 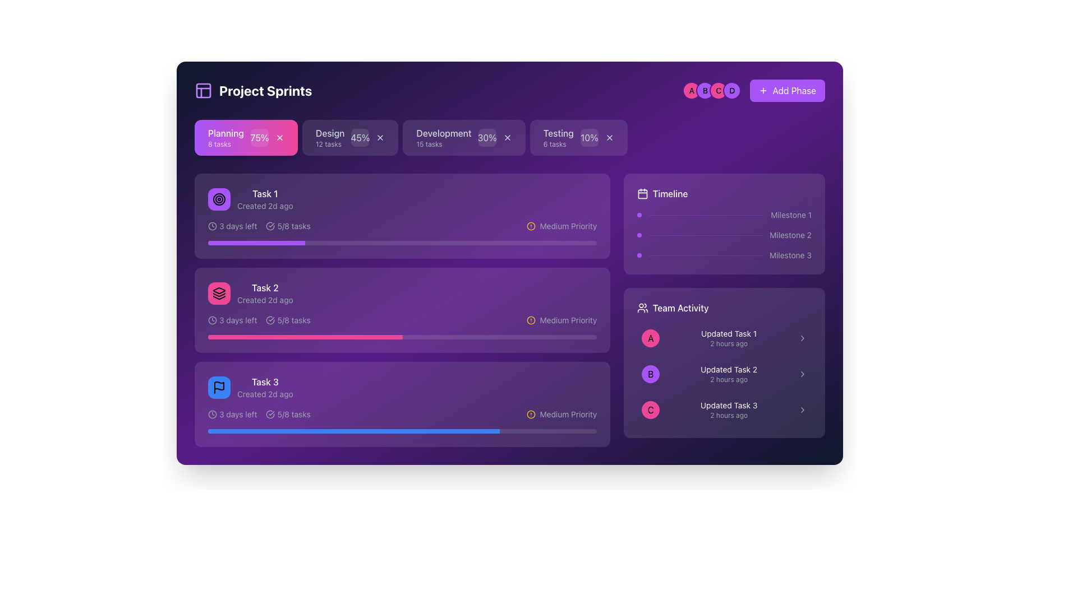 What do you see at coordinates (380, 137) in the screenshot?
I see `the Close Button, which is represented by an 'X' icon with rounded edges and a red hover effect, located at the far-right of the 'Design' section in the navigation header` at bounding box center [380, 137].